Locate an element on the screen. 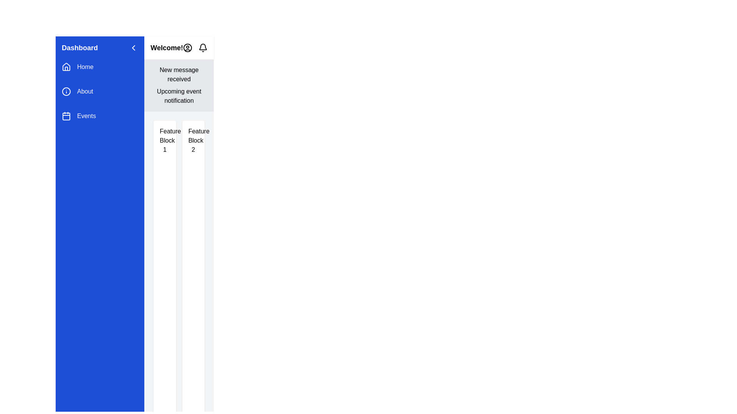 This screenshot has width=737, height=414. the left-pointing chevron icon button with a blue background, located on the far-right side of the 'Dashboard' header bar is located at coordinates (134, 48).